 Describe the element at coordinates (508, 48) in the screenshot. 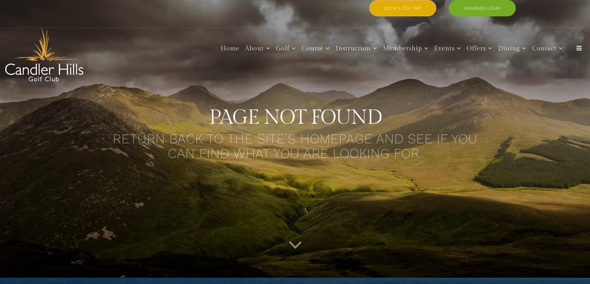

I see `'Dining'` at that location.